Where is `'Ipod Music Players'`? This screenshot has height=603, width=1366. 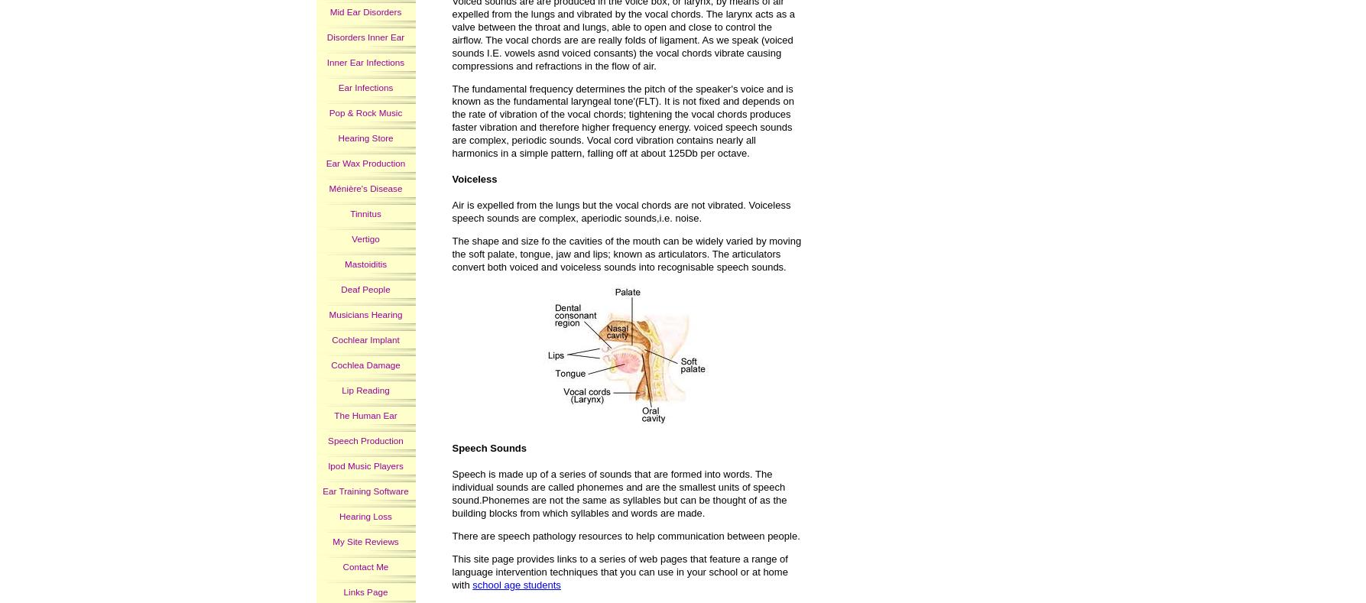 'Ipod Music Players' is located at coordinates (328, 465).